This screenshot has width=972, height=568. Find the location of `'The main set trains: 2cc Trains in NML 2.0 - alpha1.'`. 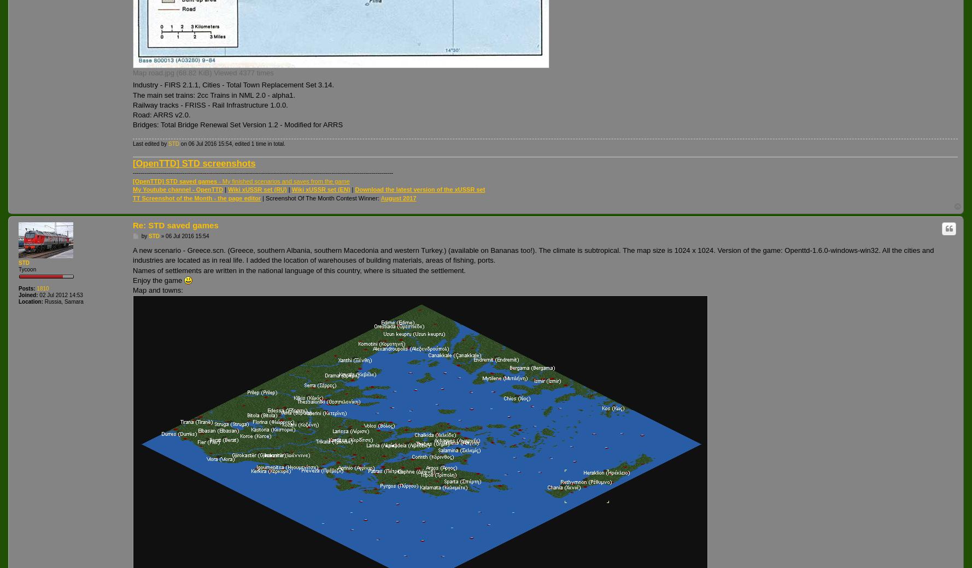

'The main set trains: 2cc Trains in NML 2.0 - alpha1.' is located at coordinates (214, 94).